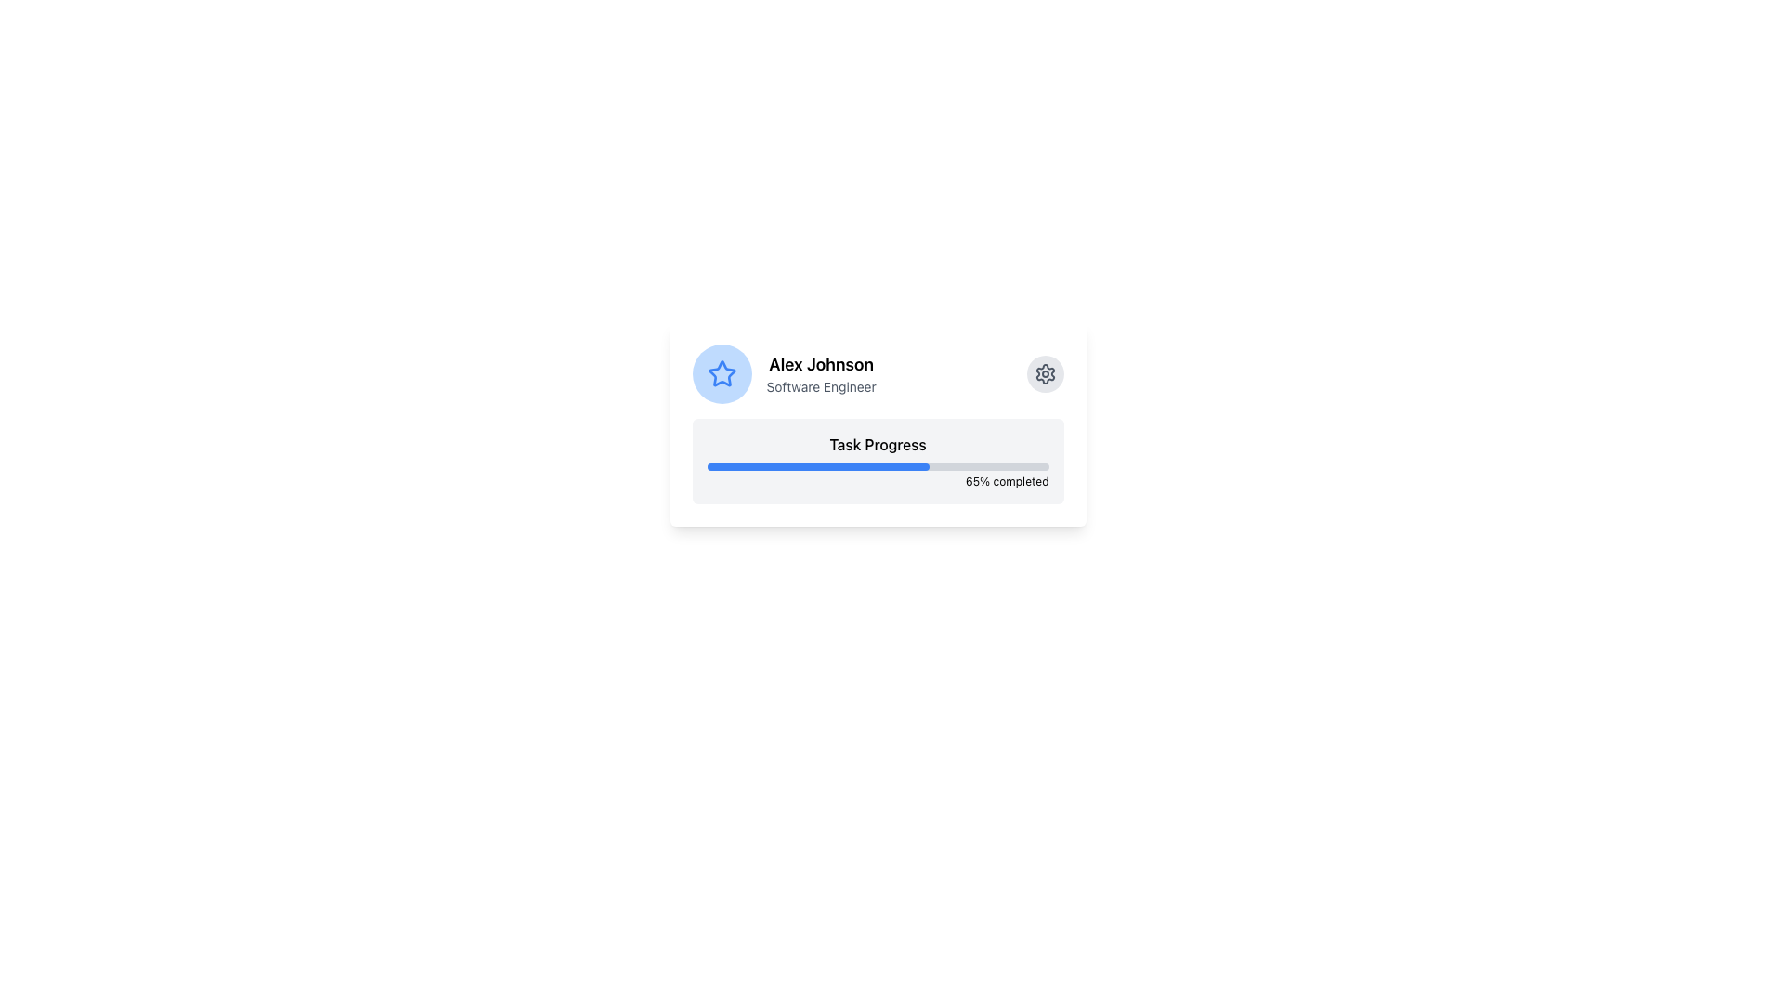 The image size is (1783, 1003). I want to click on the progress bar with text label and value, so click(877, 461).